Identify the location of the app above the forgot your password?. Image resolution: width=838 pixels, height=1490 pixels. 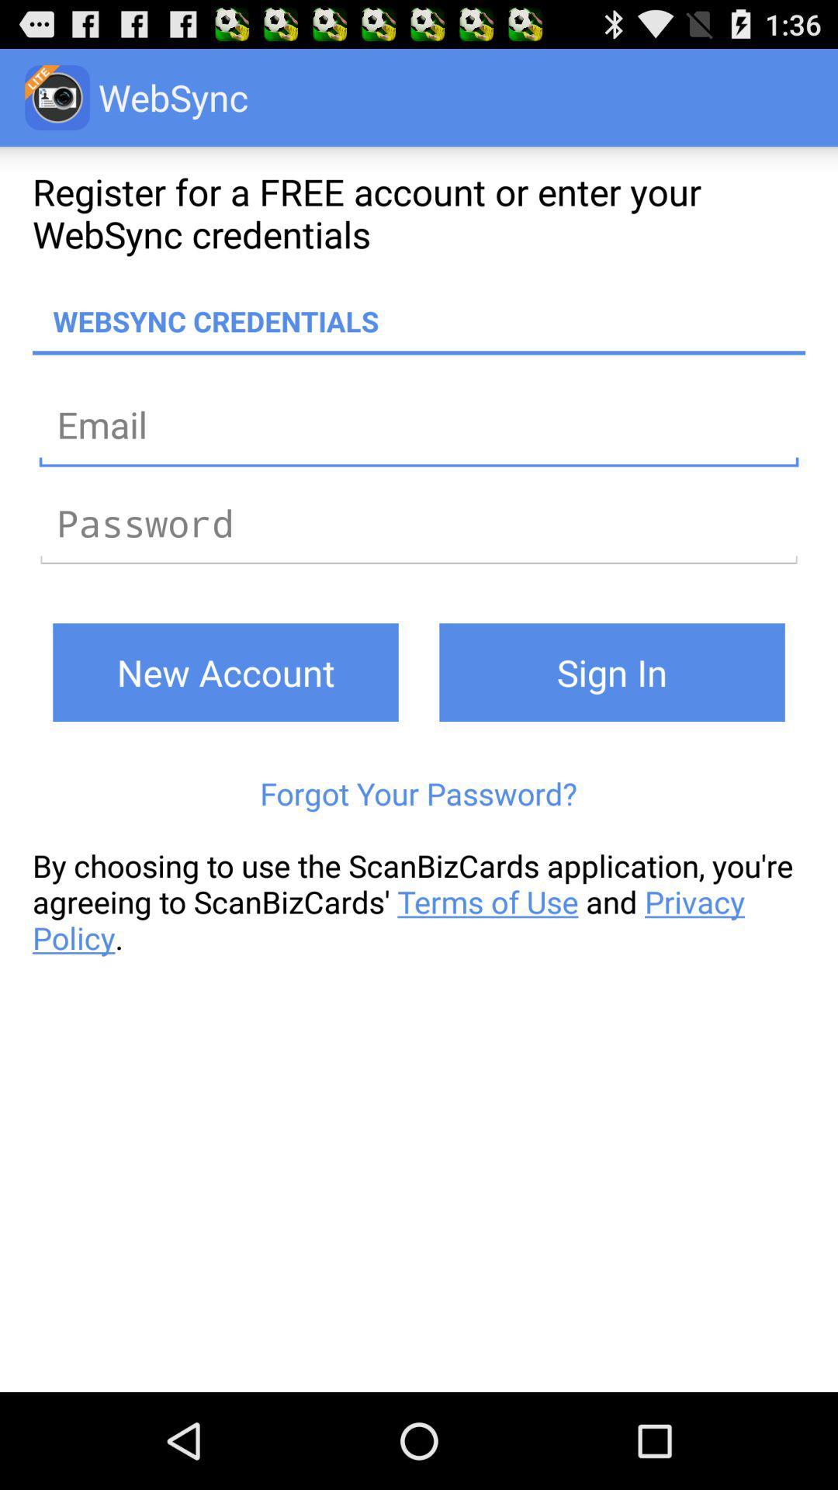
(611, 672).